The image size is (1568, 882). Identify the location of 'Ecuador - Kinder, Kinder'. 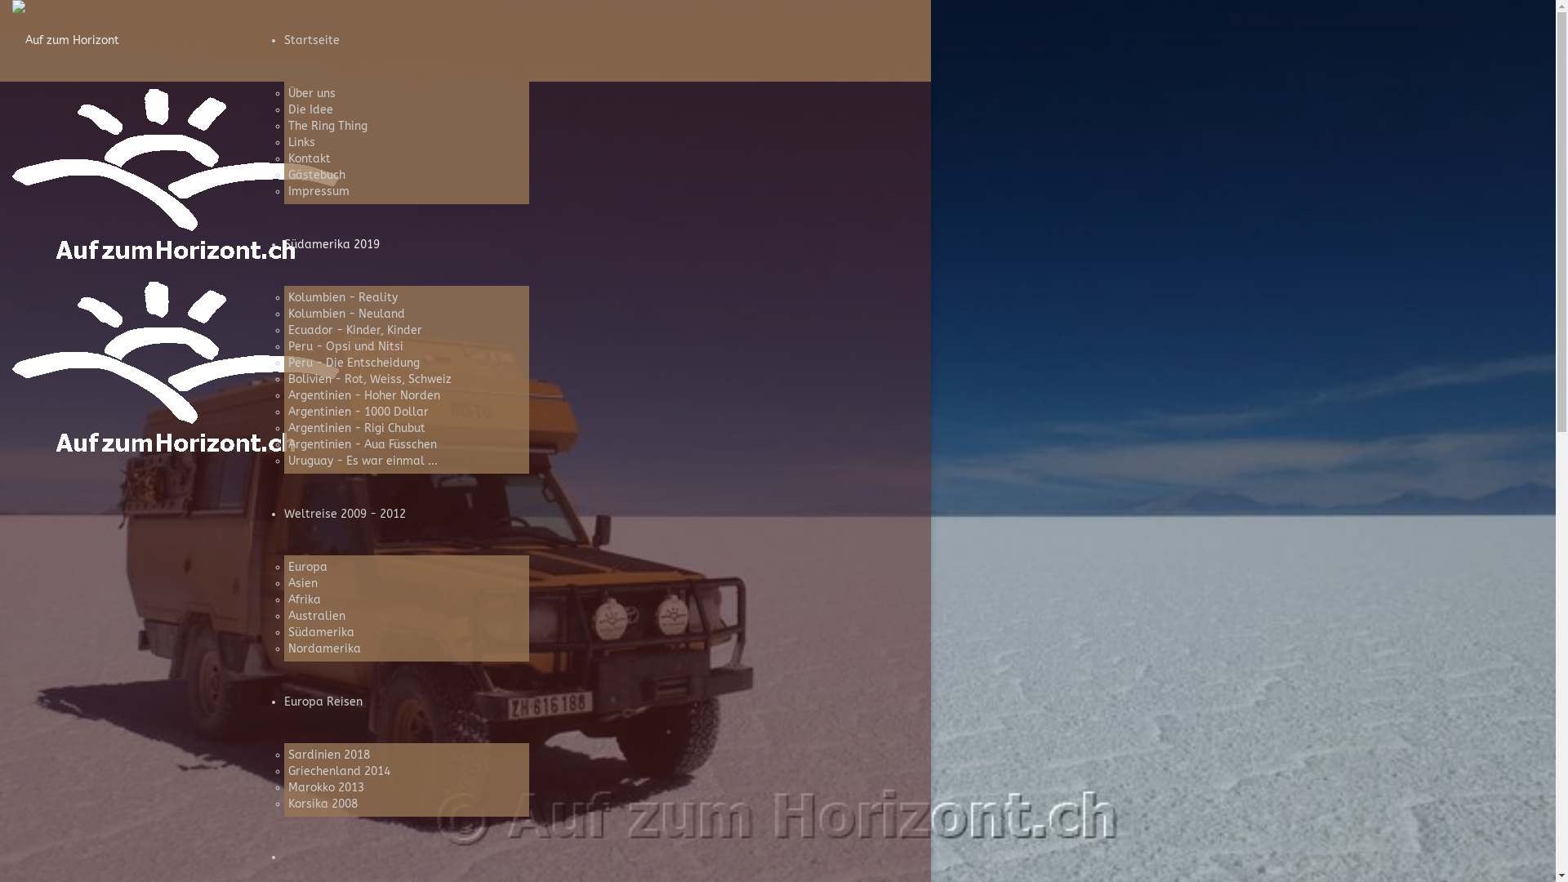
(353, 330).